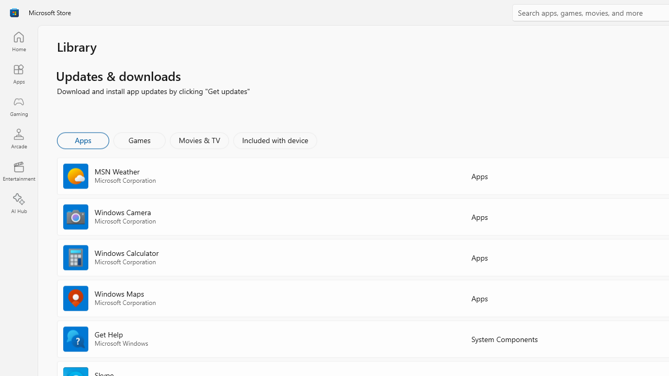 The width and height of the screenshot is (669, 376). What do you see at coordinates (18, 41) in the screenshot?
I see `'Home'` at bounding box center [18, 41].